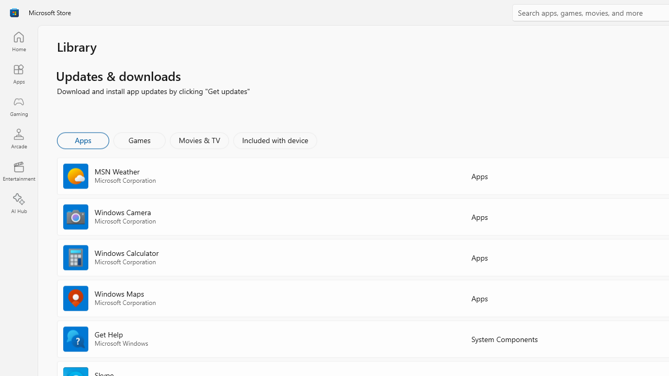 The width and height of the screenshot is (669, 376). What do you see at coordinates (18, 41) in the screenshot?
I see `'Home'` at bounding box center [18, 41].